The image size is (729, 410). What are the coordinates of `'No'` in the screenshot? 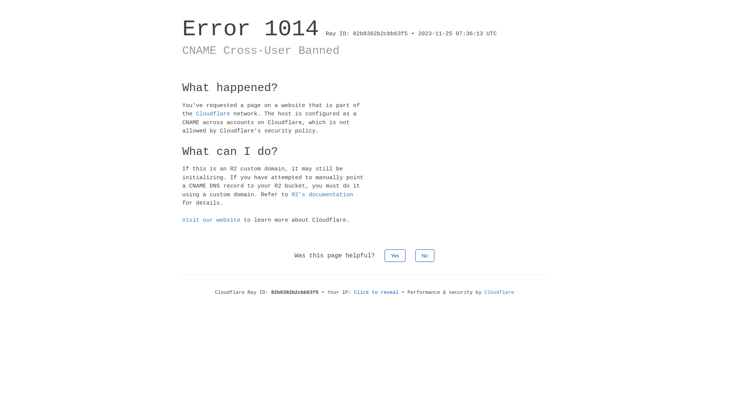 It's located at (415, 255).